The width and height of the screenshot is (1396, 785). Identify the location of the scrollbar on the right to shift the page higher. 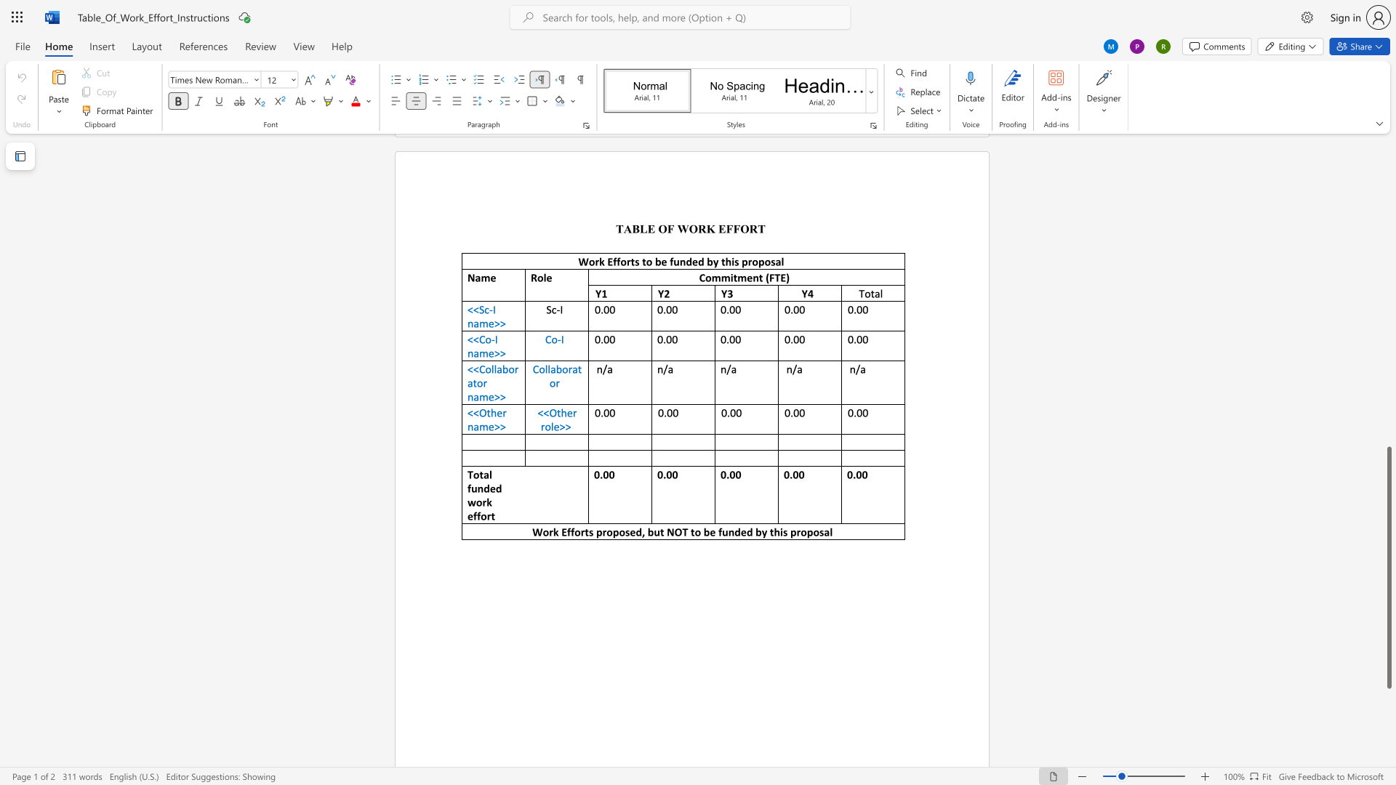
(1388, 318).